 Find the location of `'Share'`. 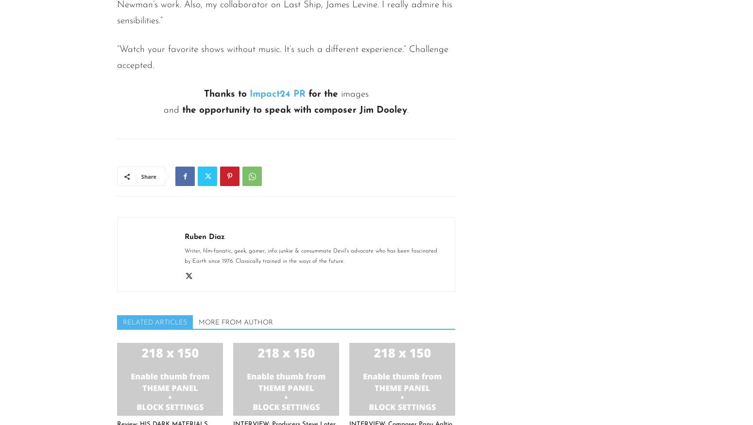

'Share' is located at coordinates (141, 176).